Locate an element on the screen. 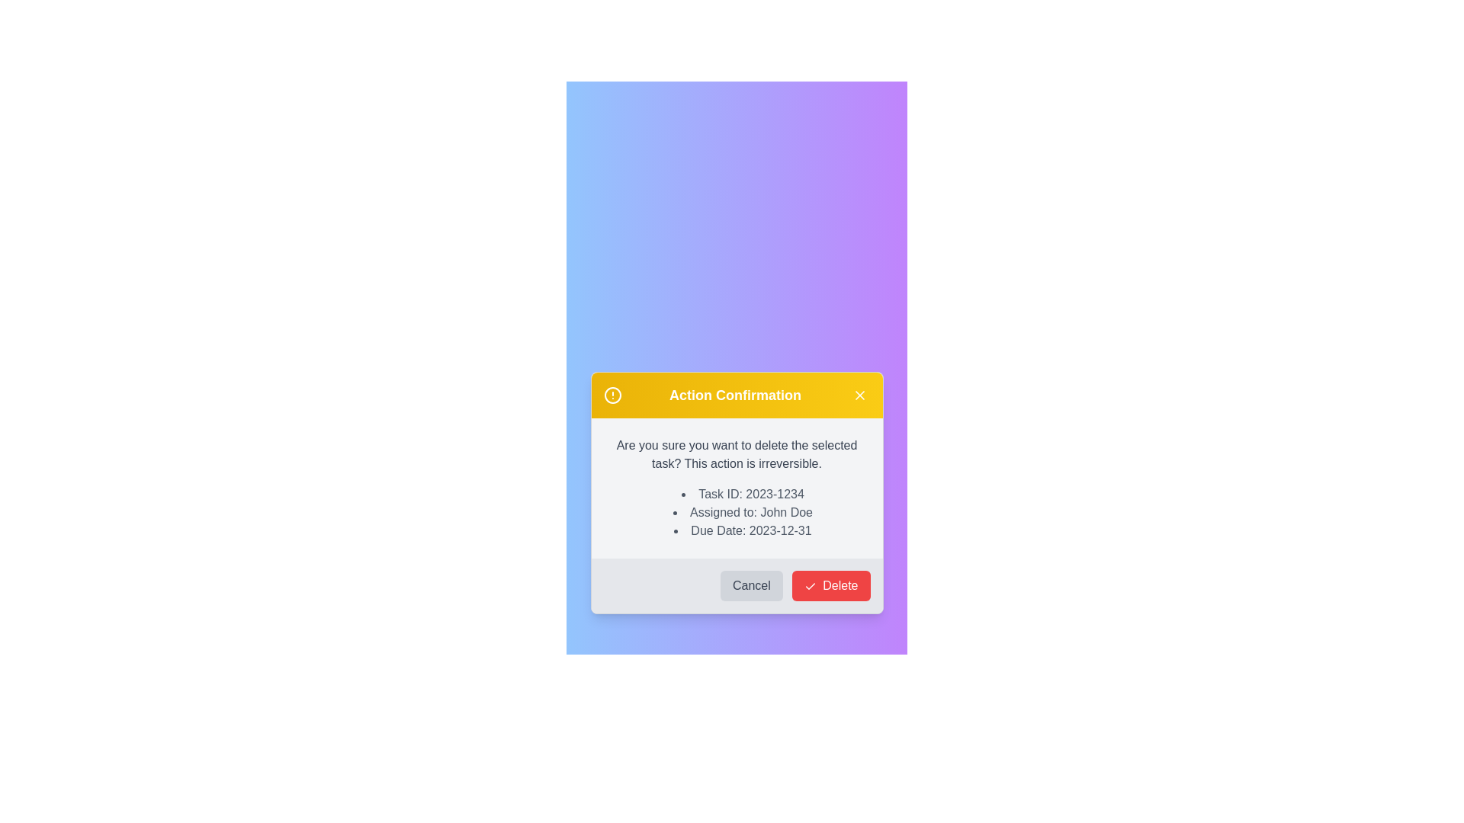 This screenshot has width=1464, height=823. the static text displaying the name of the individual assigned to a specific task, located as the second item in a bulleted list within a confirmation dialog is located at coordinates (743, 512).